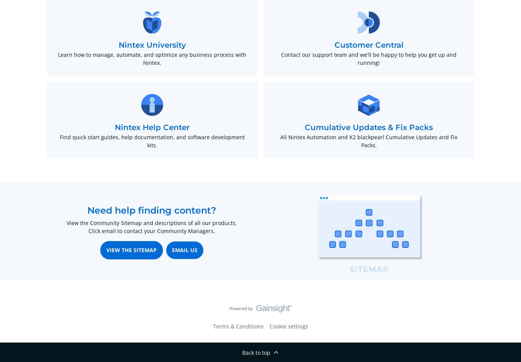 The height and width of the screenshot is (362, 521). Describe the element at coordinates (368, 141) in the screenshot. I see `'All Nintex Automation and K2 blackpearl Cumulative Updates and Fix Packs.'` at that location.